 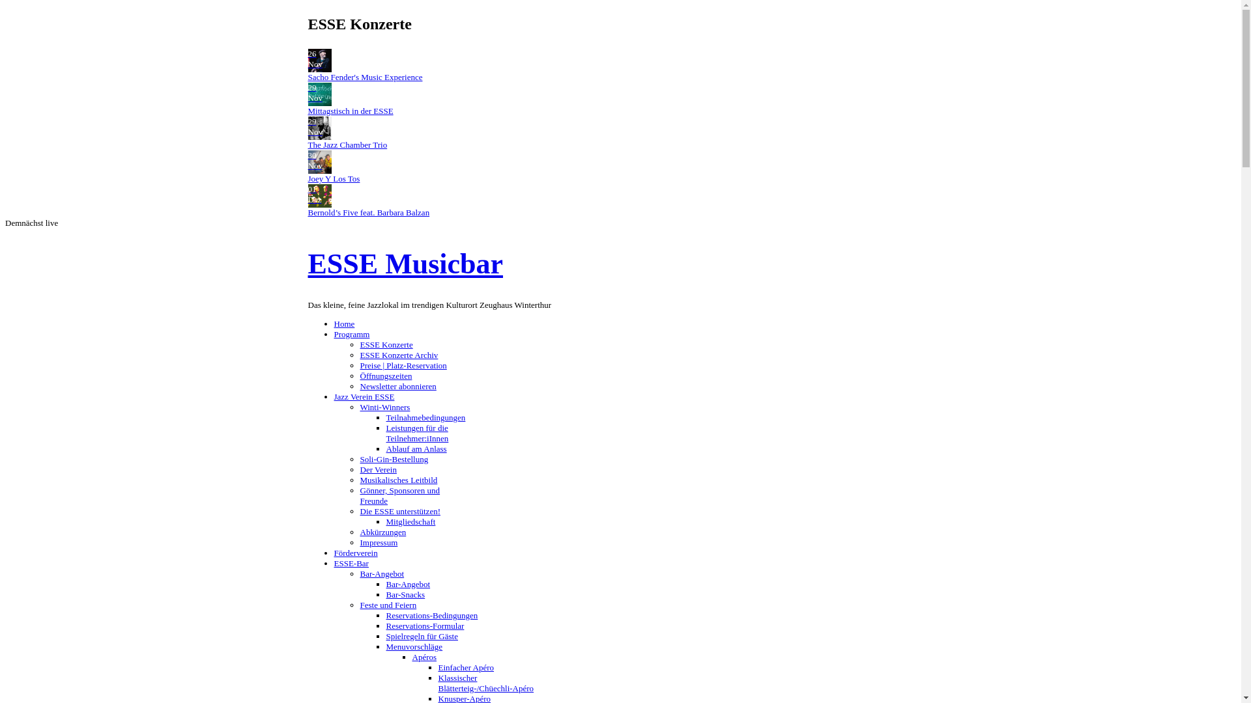 What do you see at coordinates (425, 625) in the screenshot?
I see `'Reservations-Formular'` at bounding box center [425, 625].